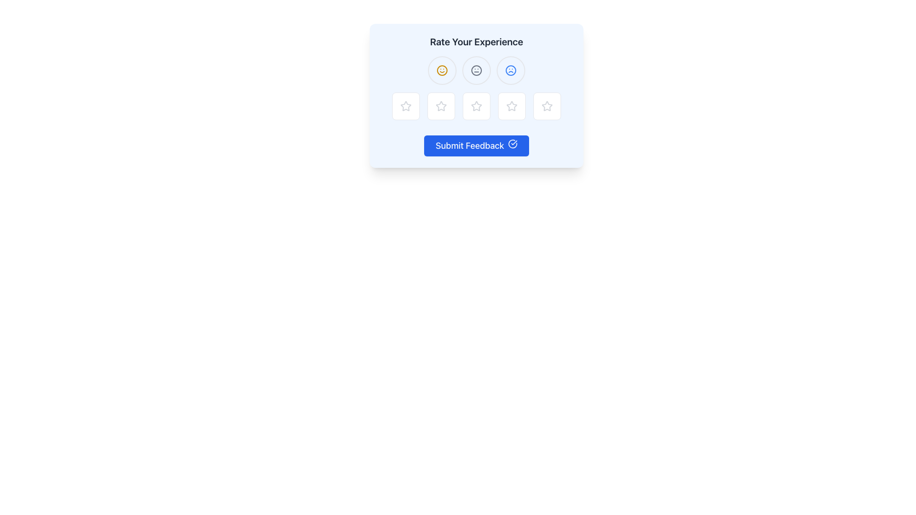 The width and height of the screenshot is (916, 515). Describe the element at coordinates (476, 142) in the screenshot. I see `the 'Submit Feedback' button with a blue background and rounded corners` at that location.